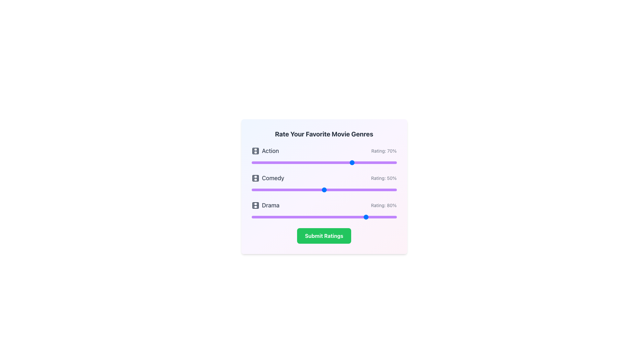 The width and height of the screenshot is (622, 350). What do you see at coordinates (347, 190) in the screenshot?
I see `the slider` at bounding box center [347, 190].